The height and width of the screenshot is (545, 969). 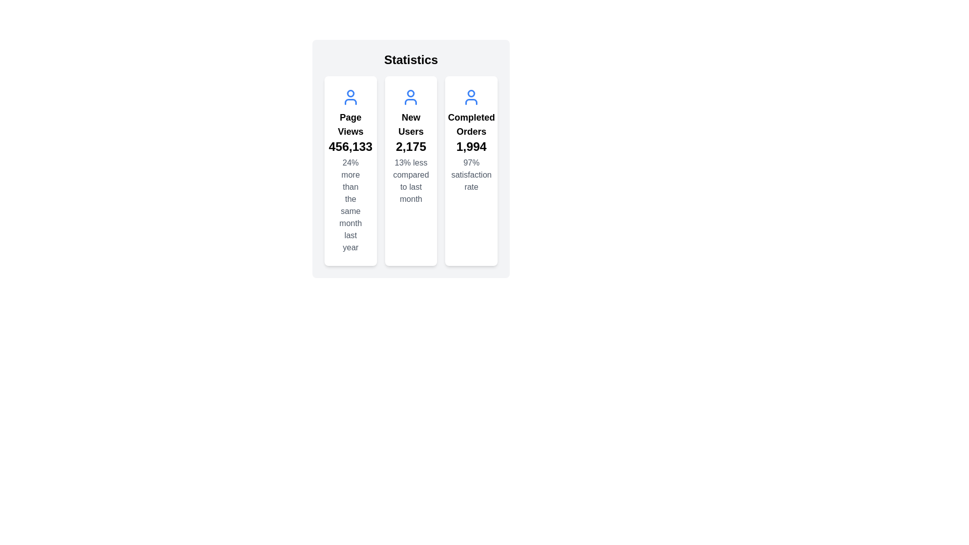 What do you see at coordinates (471, 124) in the screenshot?
I see `the 'Completed Orders' label, which is a bold text element located in the third column of a statistical overview section, positioned below an icon and above numerical data` at bounding box center [471, 124].